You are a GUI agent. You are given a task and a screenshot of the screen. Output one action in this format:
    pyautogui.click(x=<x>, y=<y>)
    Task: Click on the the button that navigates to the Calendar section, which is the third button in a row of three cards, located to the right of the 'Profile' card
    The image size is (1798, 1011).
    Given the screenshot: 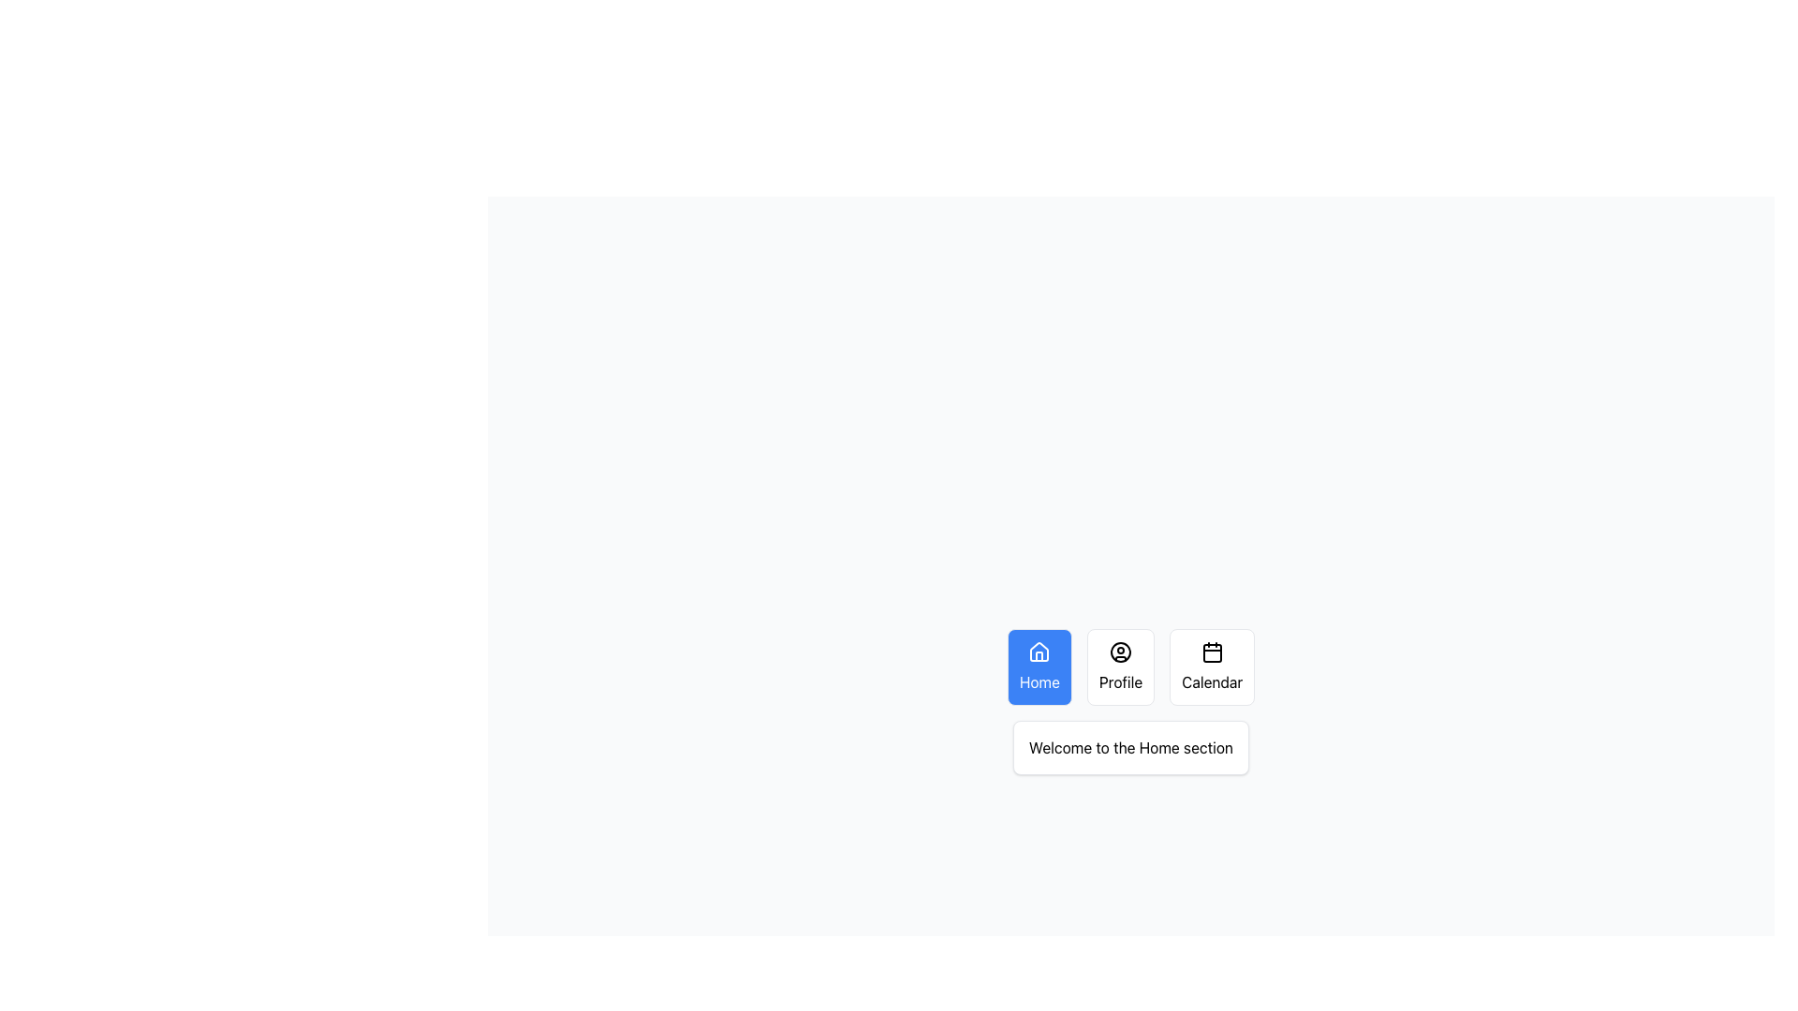 What is the action you would take?
    pyautogui.click(x=1212, y=667)
    